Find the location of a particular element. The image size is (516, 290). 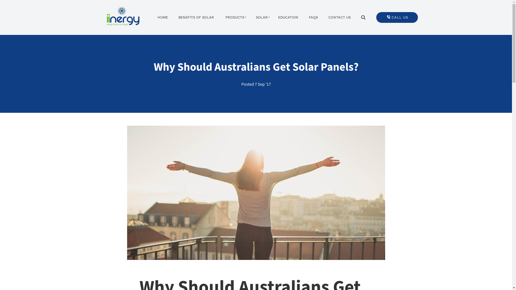

'CONTACT US' is located at coordinates (339, 17).